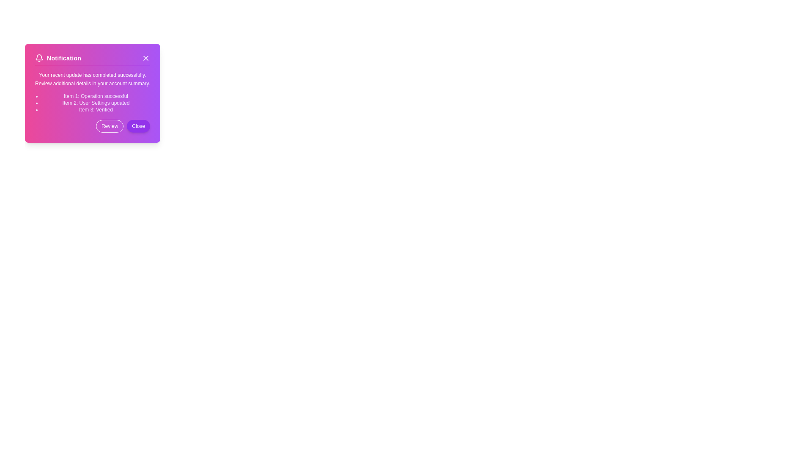 The width and height of the screenshot is (812, 456). I want to click on the third text line in the notification card that indicates the status message, positioned between 'Item 2: User Settings updated' and the action buttons, so click(96, 109).